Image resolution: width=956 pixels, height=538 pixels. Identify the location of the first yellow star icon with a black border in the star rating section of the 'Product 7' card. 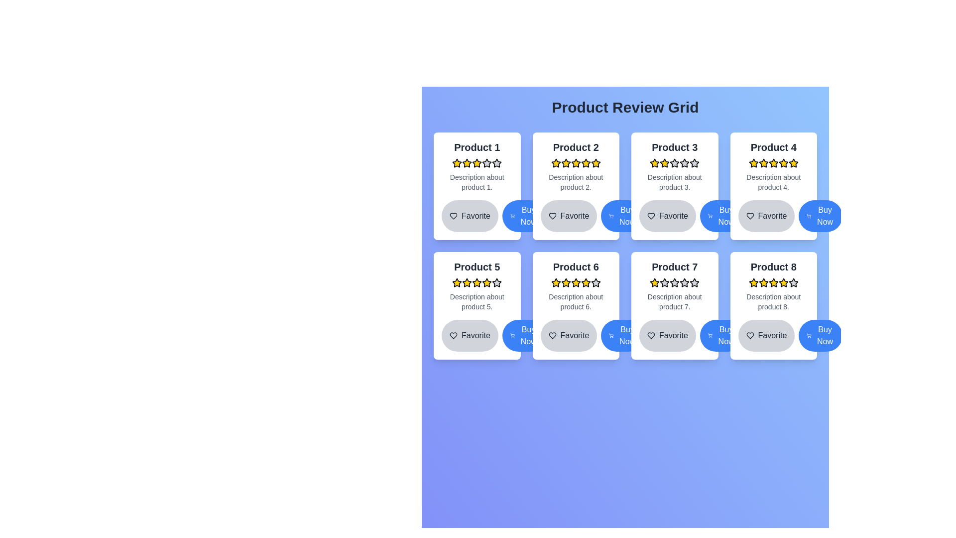
(655, 282).